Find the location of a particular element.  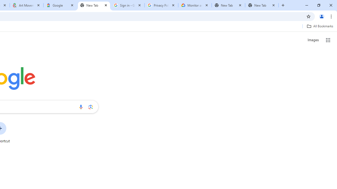

'Search by image' is located at coordinates (91, 107).